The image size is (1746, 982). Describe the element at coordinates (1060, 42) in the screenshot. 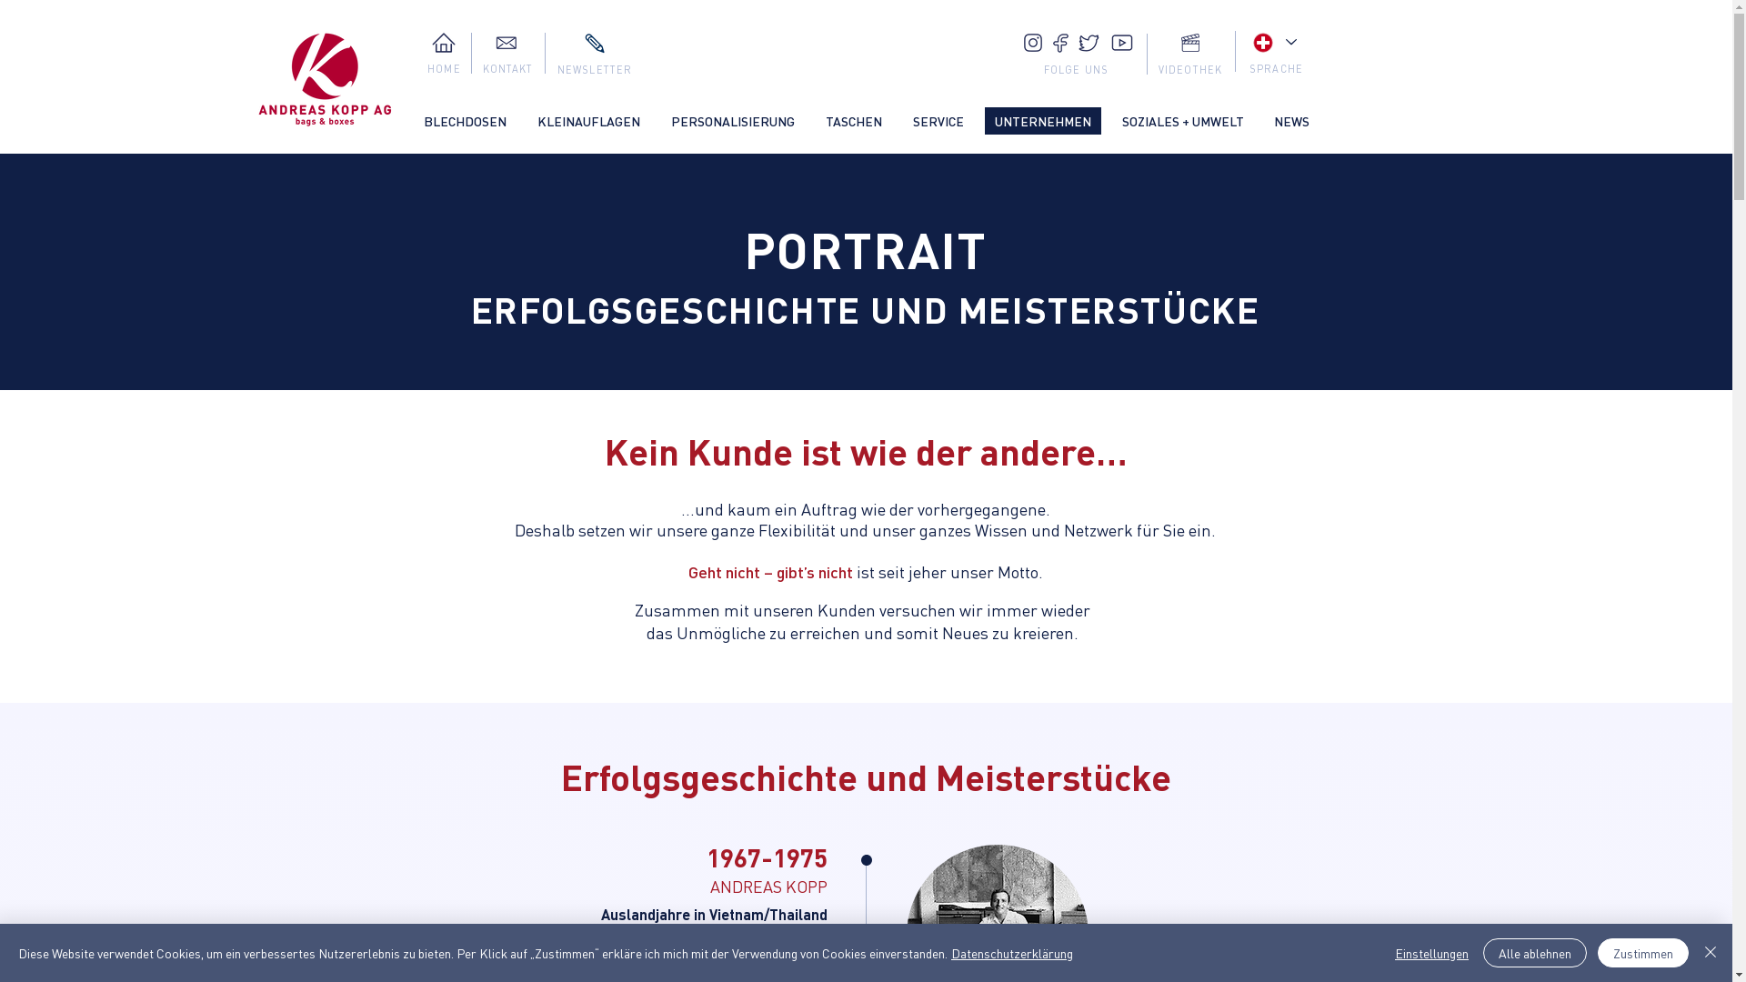

I see `'Facebook'` at that location.